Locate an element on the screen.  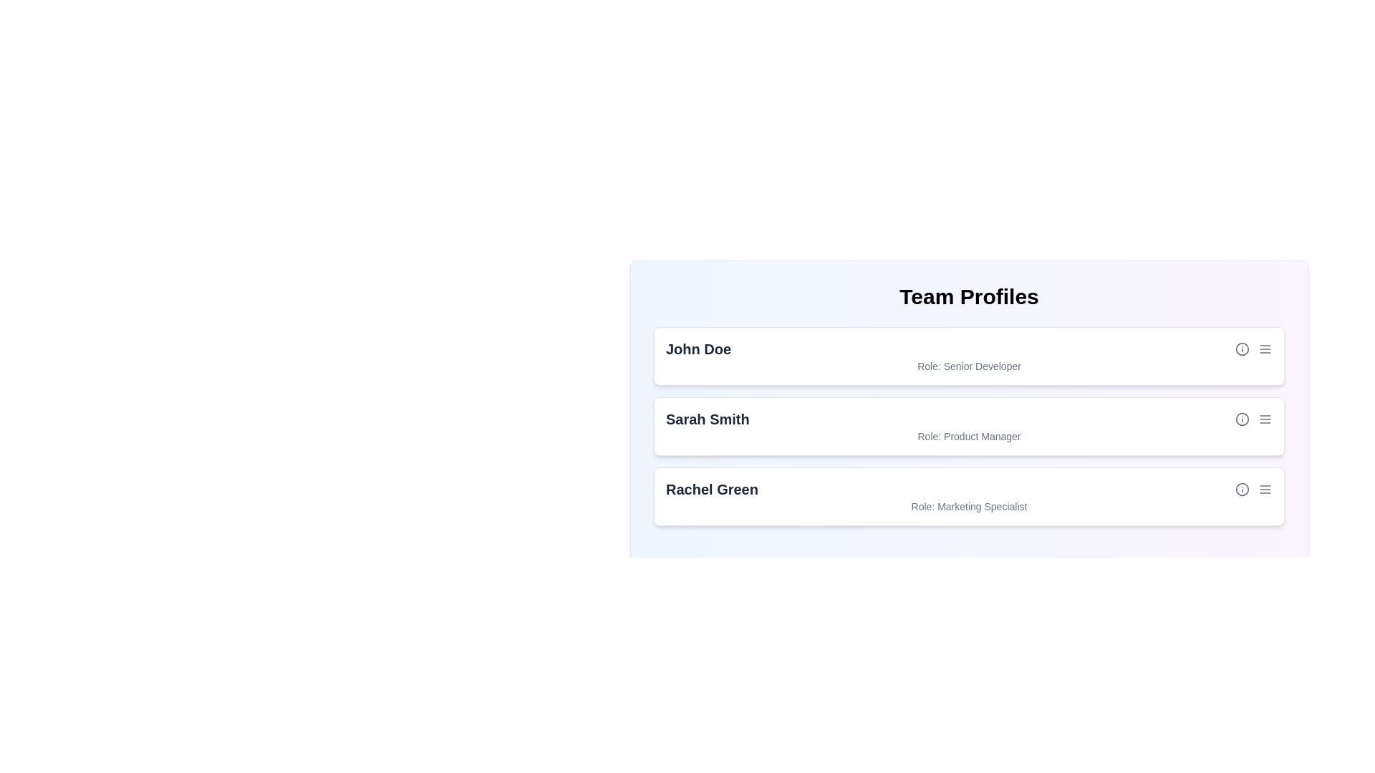
the Icon button resembling a menu or options toggle located at the right end of Rachel Green's profile section is located at coordinates (1265, 488).